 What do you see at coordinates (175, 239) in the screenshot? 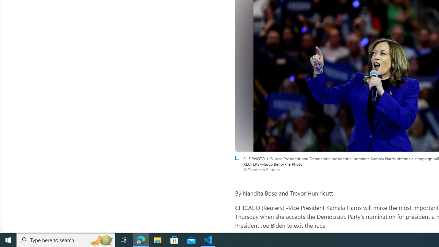
I see `'Microsoft Store'` at bounding box center [175, 239].